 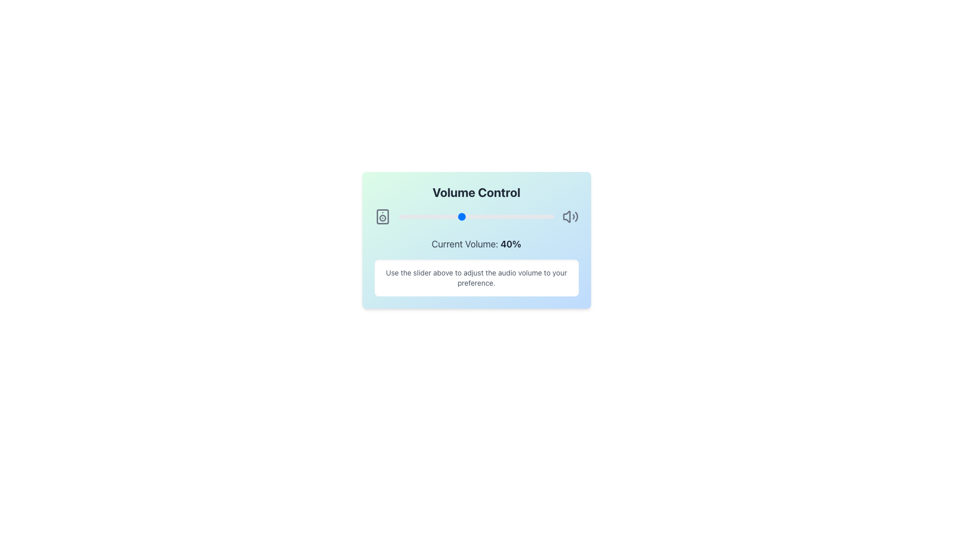 What do you see at coordinates (510, 216) in the screenshot?
I see `the volume level` at bounding box center [510, 216].